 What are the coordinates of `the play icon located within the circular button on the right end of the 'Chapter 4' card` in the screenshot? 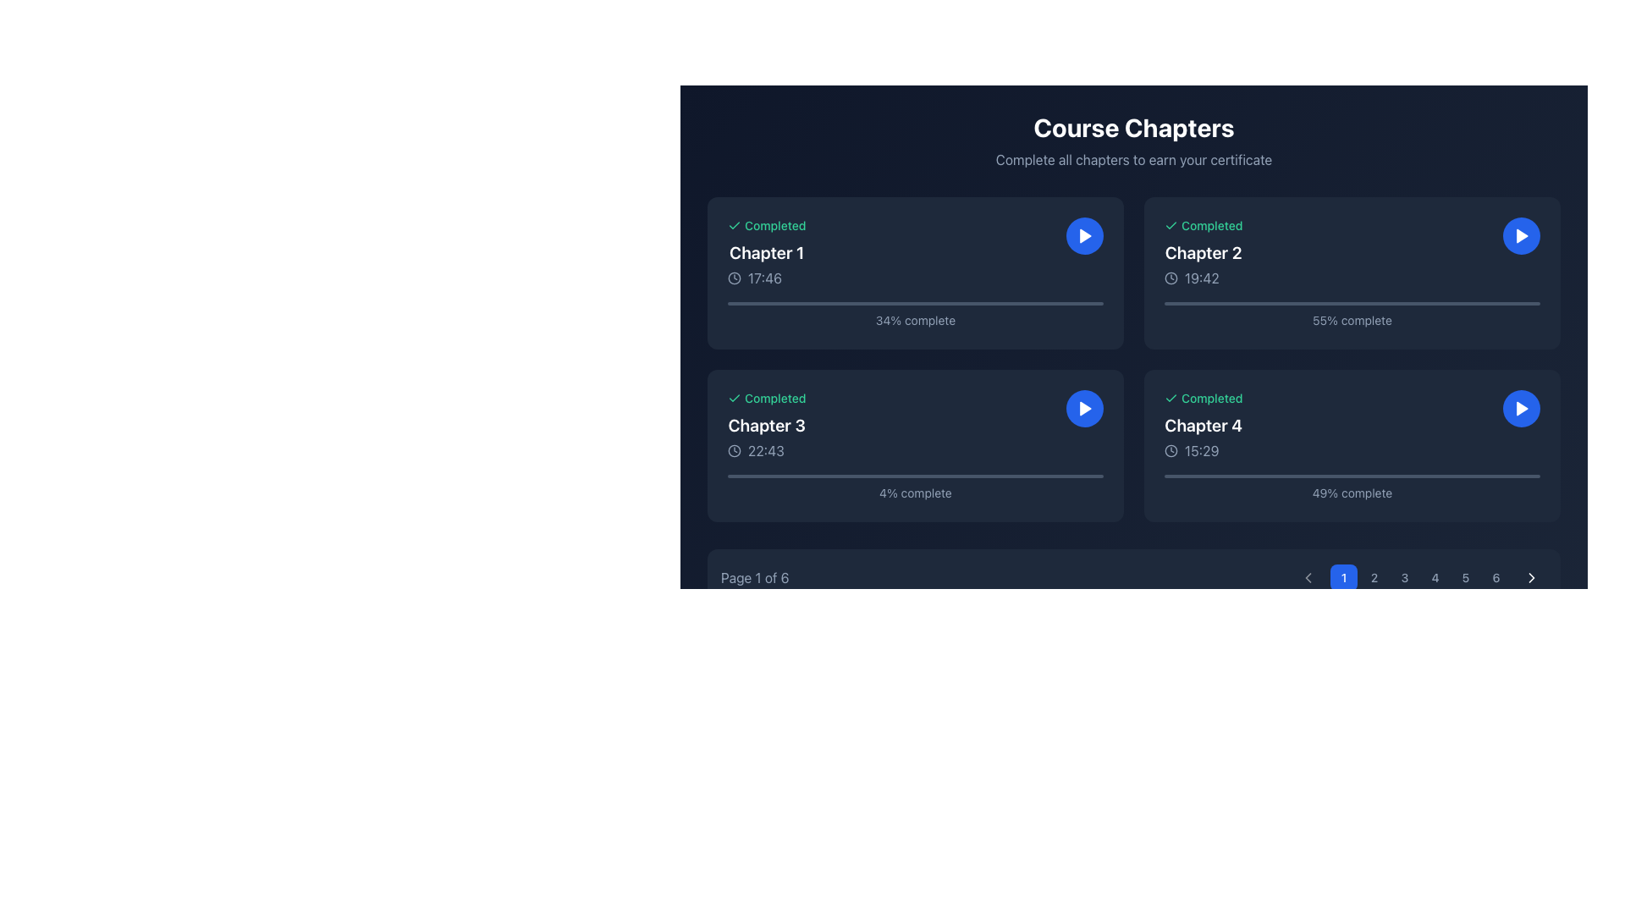 It's located at (1522, 408).